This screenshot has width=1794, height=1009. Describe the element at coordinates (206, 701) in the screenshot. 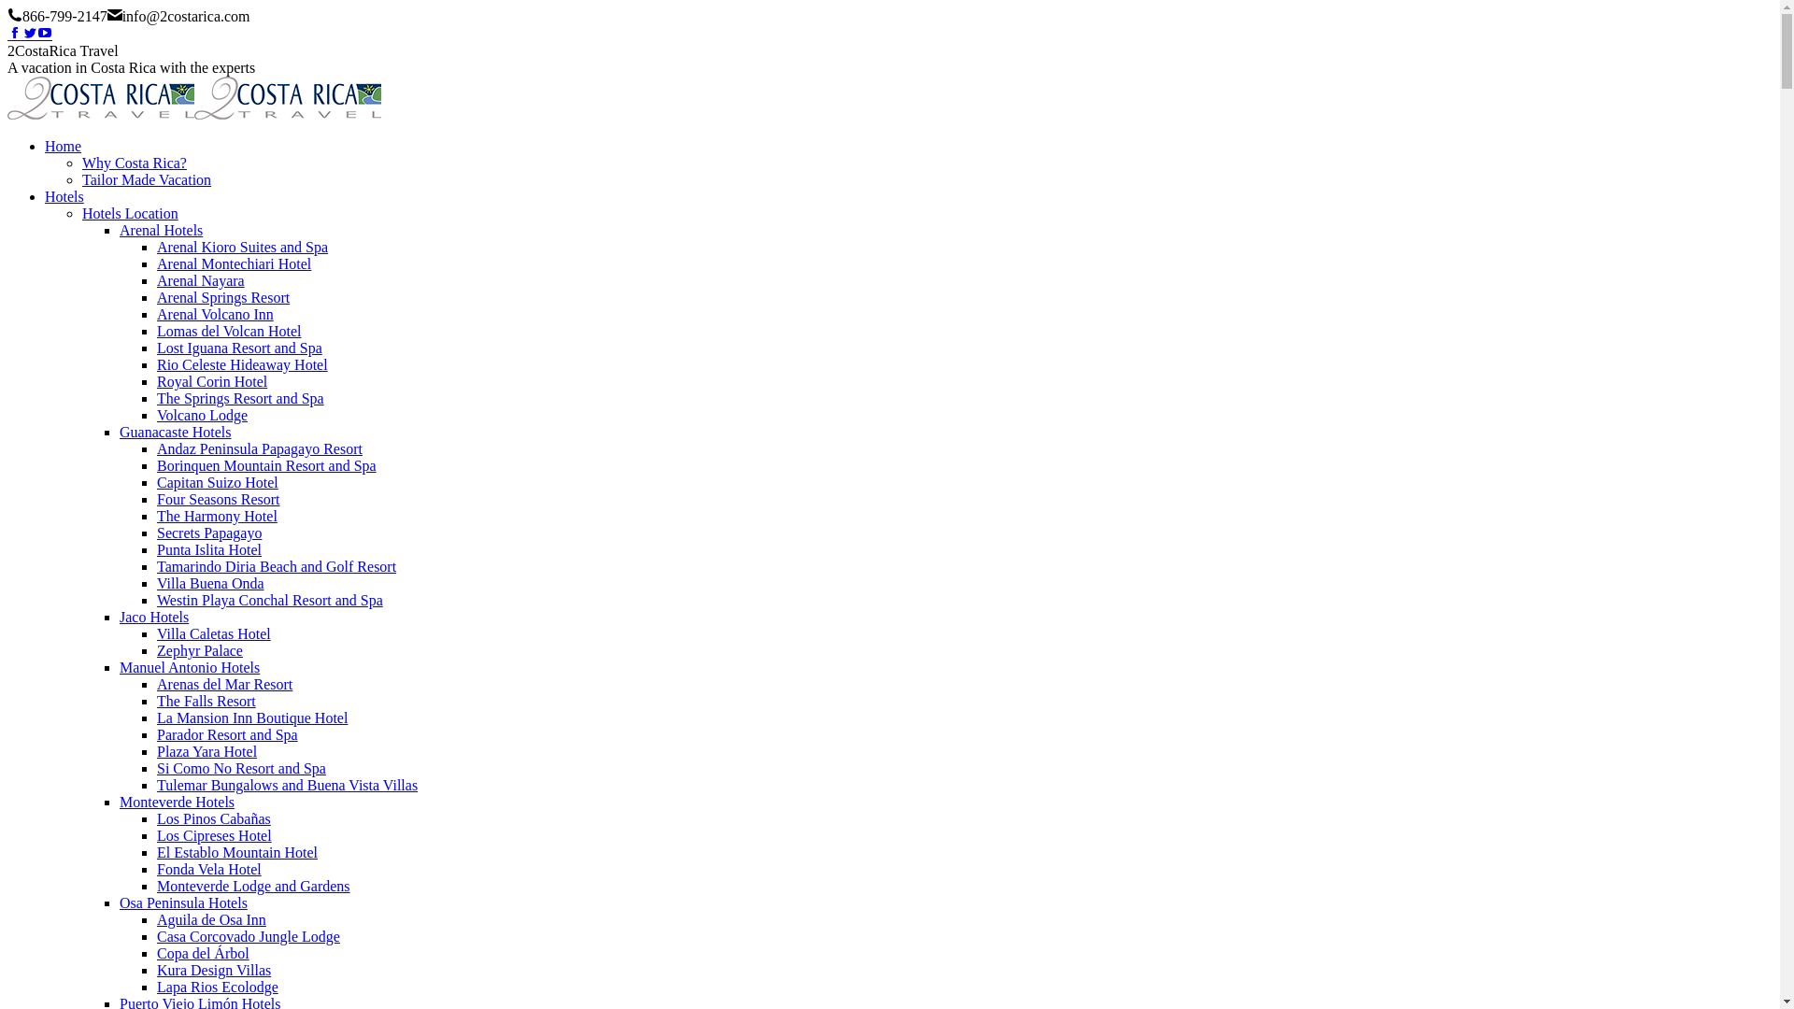

I see `'The Falls Resort'` at that location.